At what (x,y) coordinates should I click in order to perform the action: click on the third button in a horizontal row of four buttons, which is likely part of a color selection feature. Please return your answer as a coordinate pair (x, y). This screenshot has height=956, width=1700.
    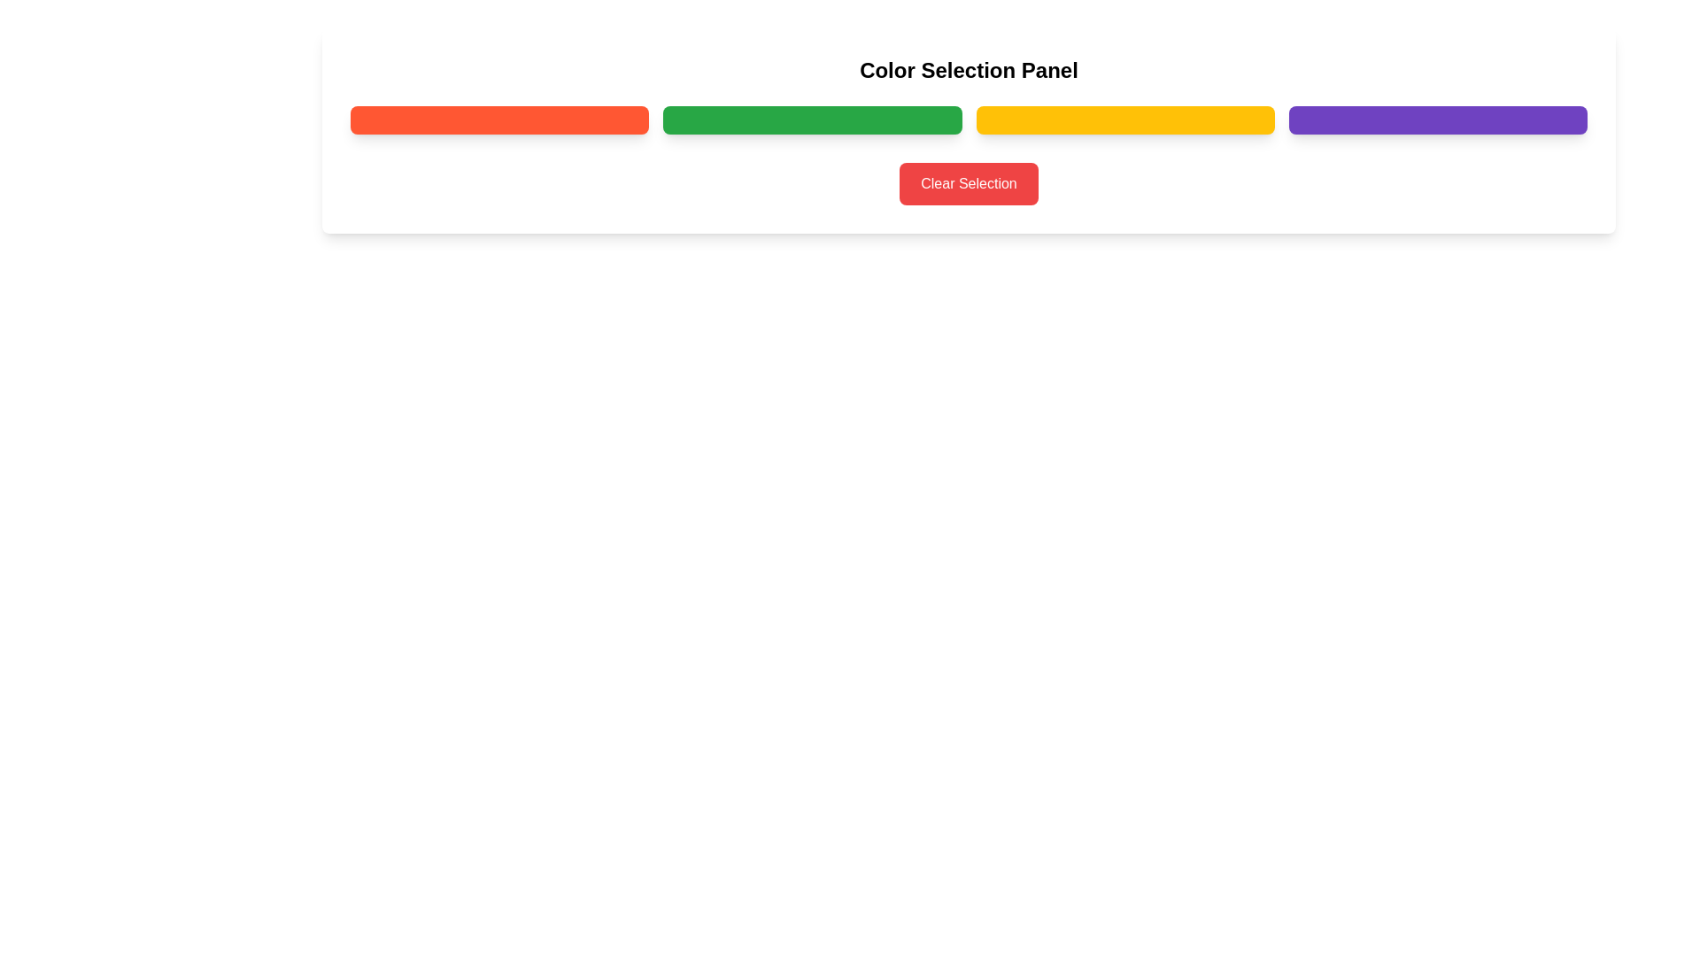
    Looking at the image, I should click on (1124, 119).